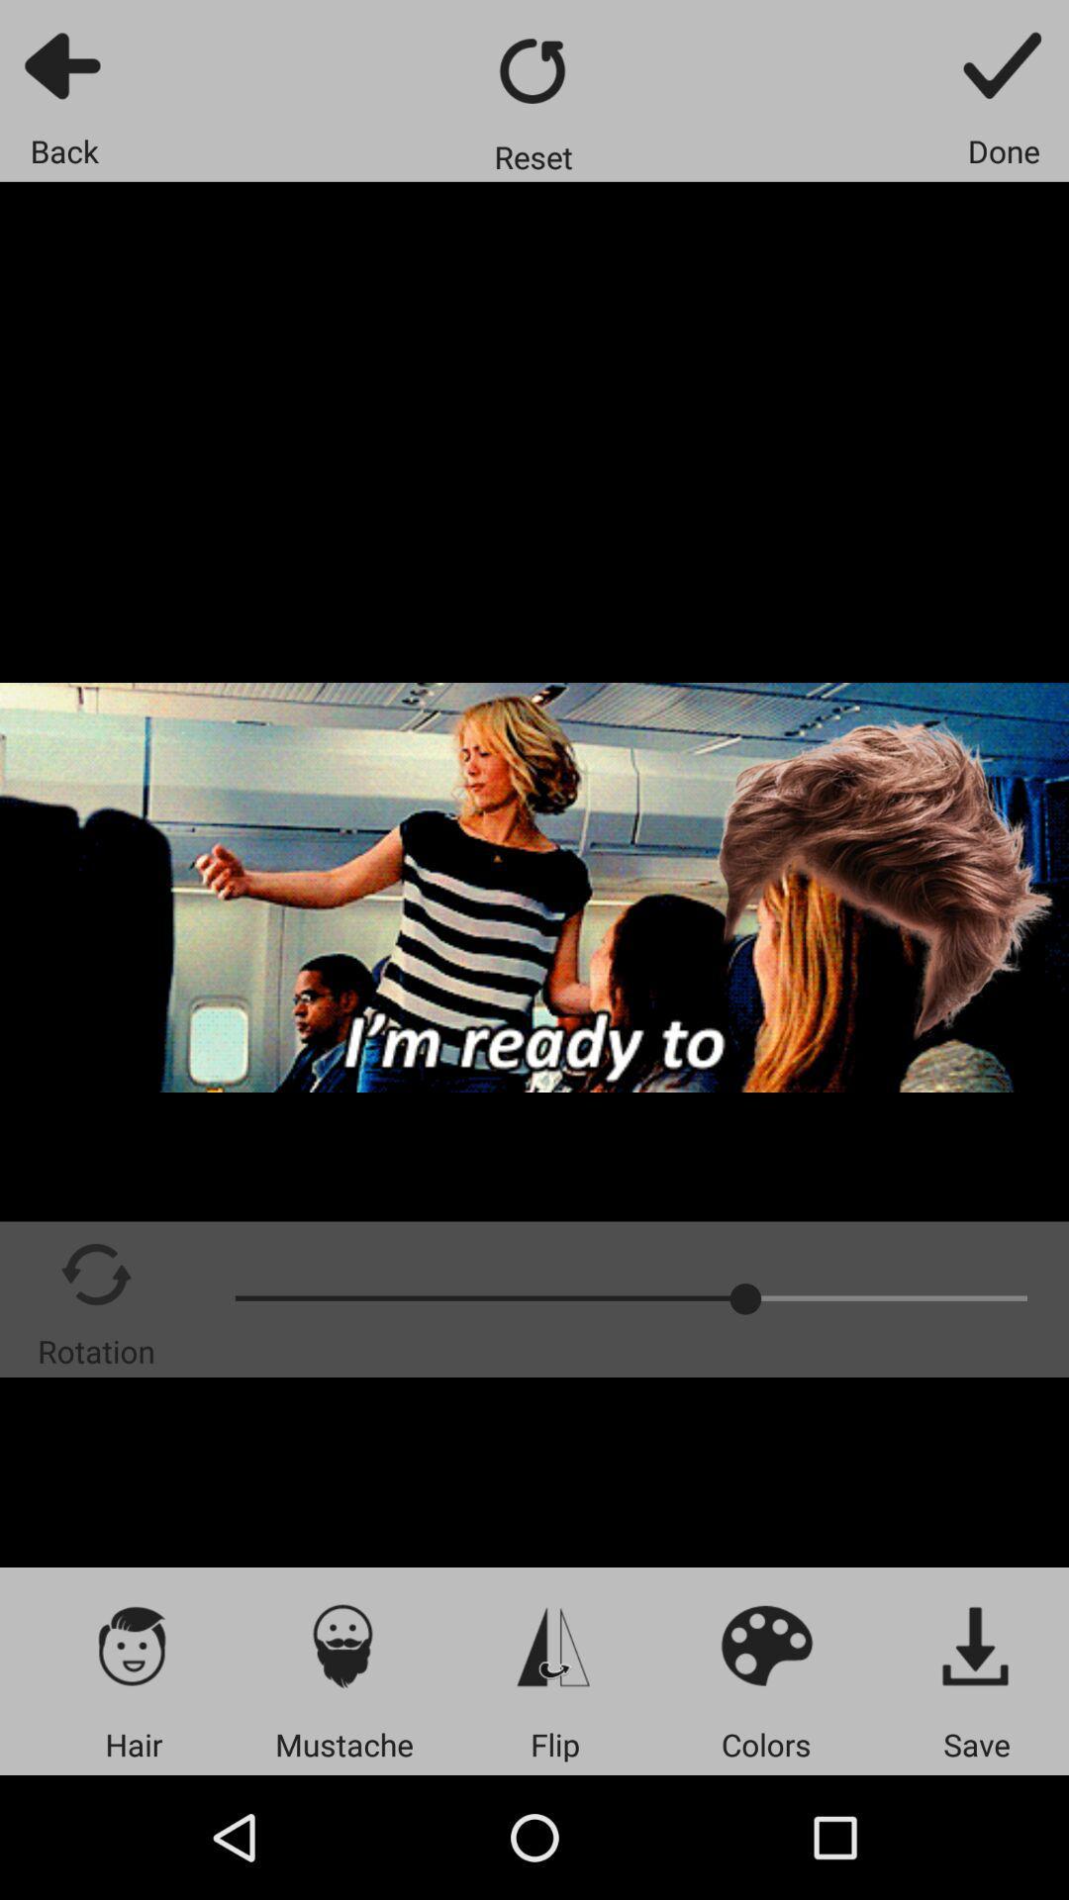  I want to click on color, so click(765, 1645).